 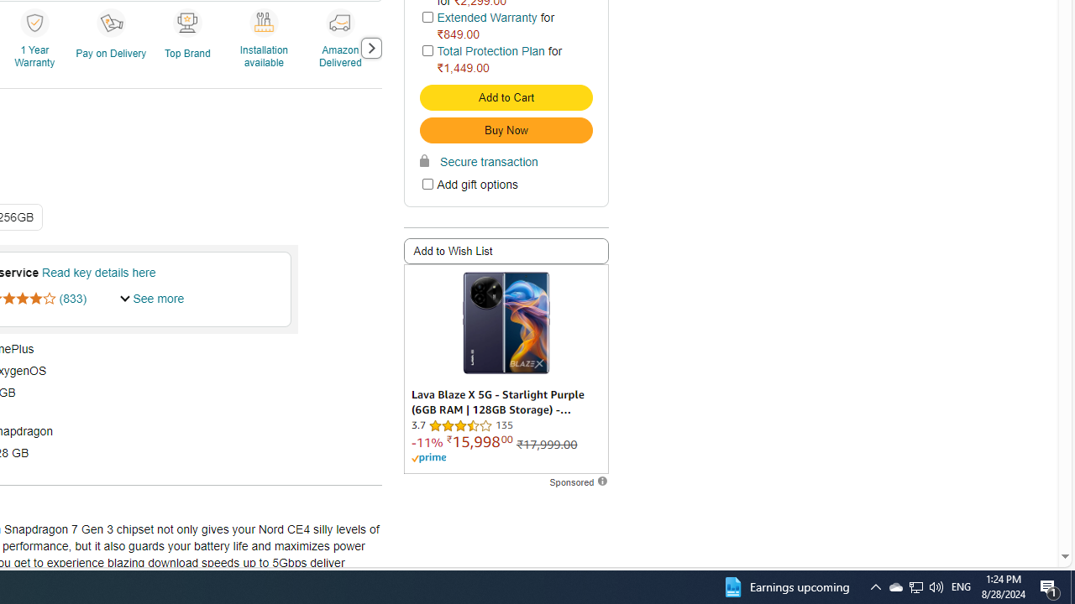 What do you see at coordinates (152, 297) in the screenshot?
I see `'See more'` at bounding box center [152, 297].